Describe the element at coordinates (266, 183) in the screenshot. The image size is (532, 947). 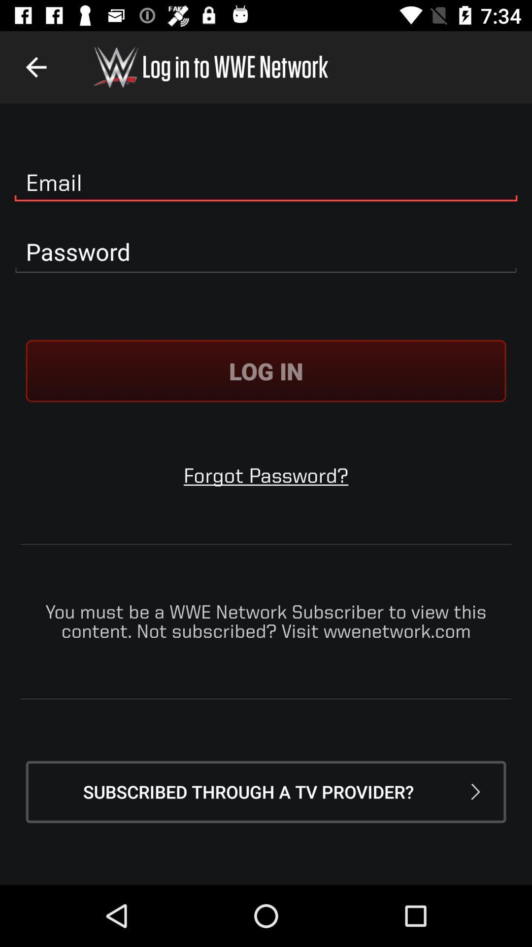
I see `email login` at that location.